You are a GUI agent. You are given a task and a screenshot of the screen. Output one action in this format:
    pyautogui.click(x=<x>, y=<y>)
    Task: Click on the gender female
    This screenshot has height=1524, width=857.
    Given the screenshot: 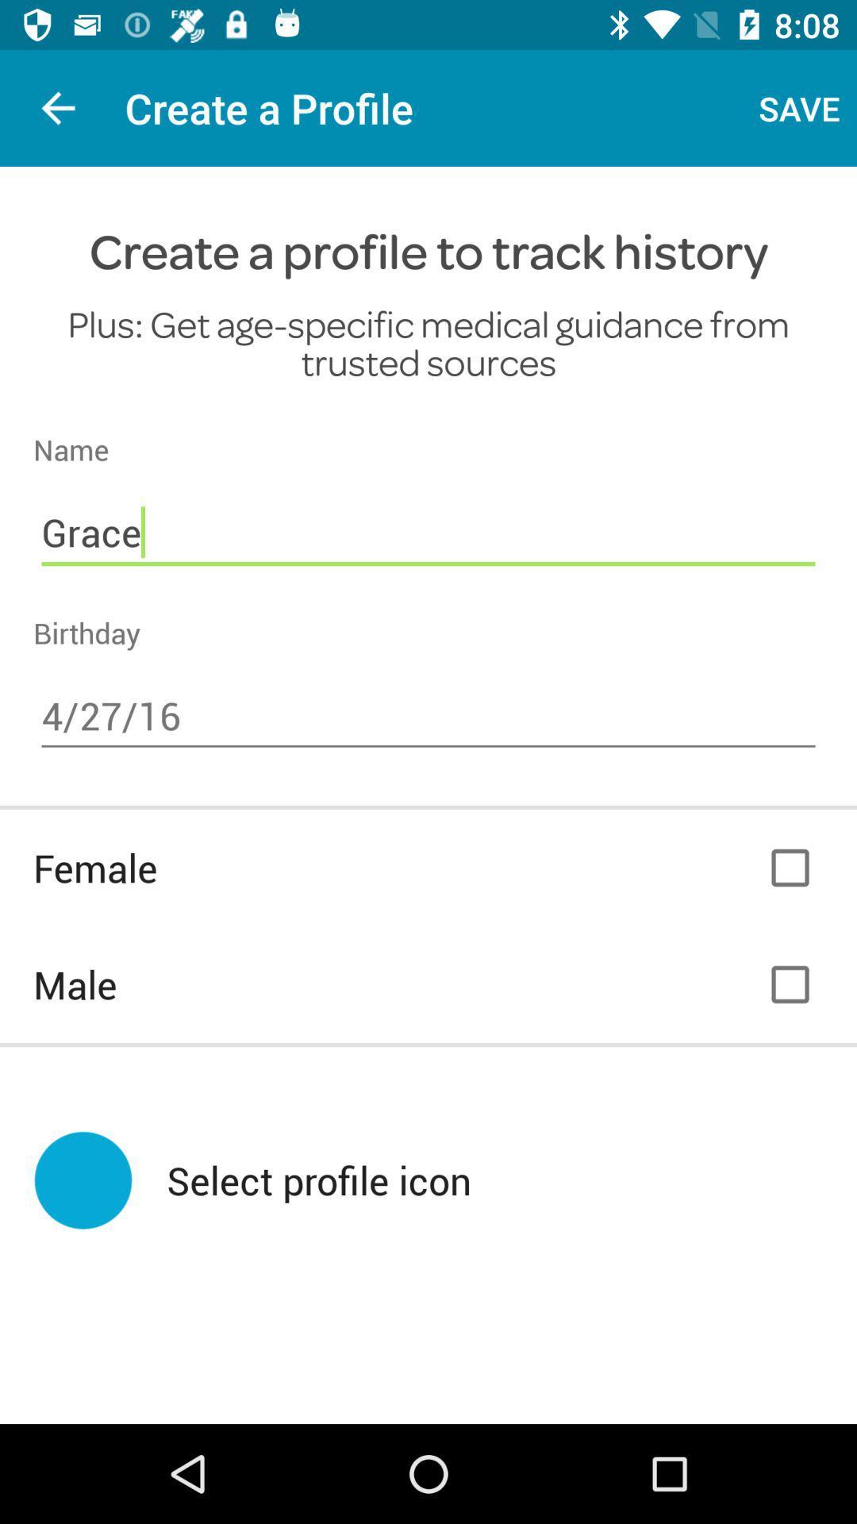 What is the action you would take?
    pyautogui.click(x=790, y=867)
    